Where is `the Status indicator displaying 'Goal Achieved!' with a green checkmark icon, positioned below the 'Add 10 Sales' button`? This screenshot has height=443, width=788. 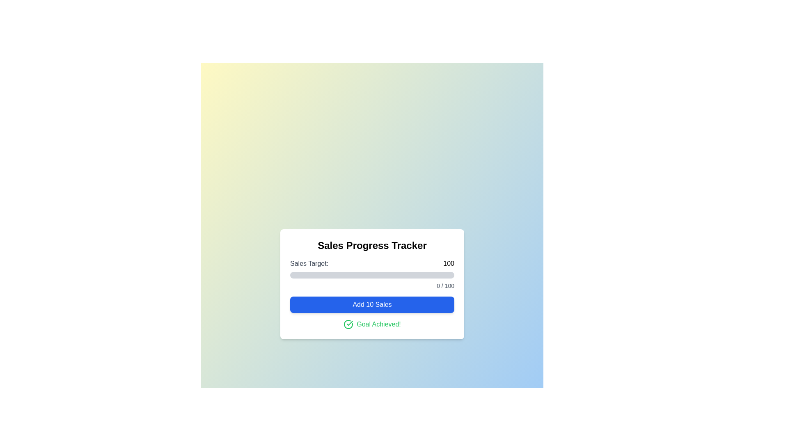
the Status indicator displaying 'Goal Achieved!' with a green checkmark icon, positioned below the 'Add 10 Sales' button is located at coordinates (372, 324).